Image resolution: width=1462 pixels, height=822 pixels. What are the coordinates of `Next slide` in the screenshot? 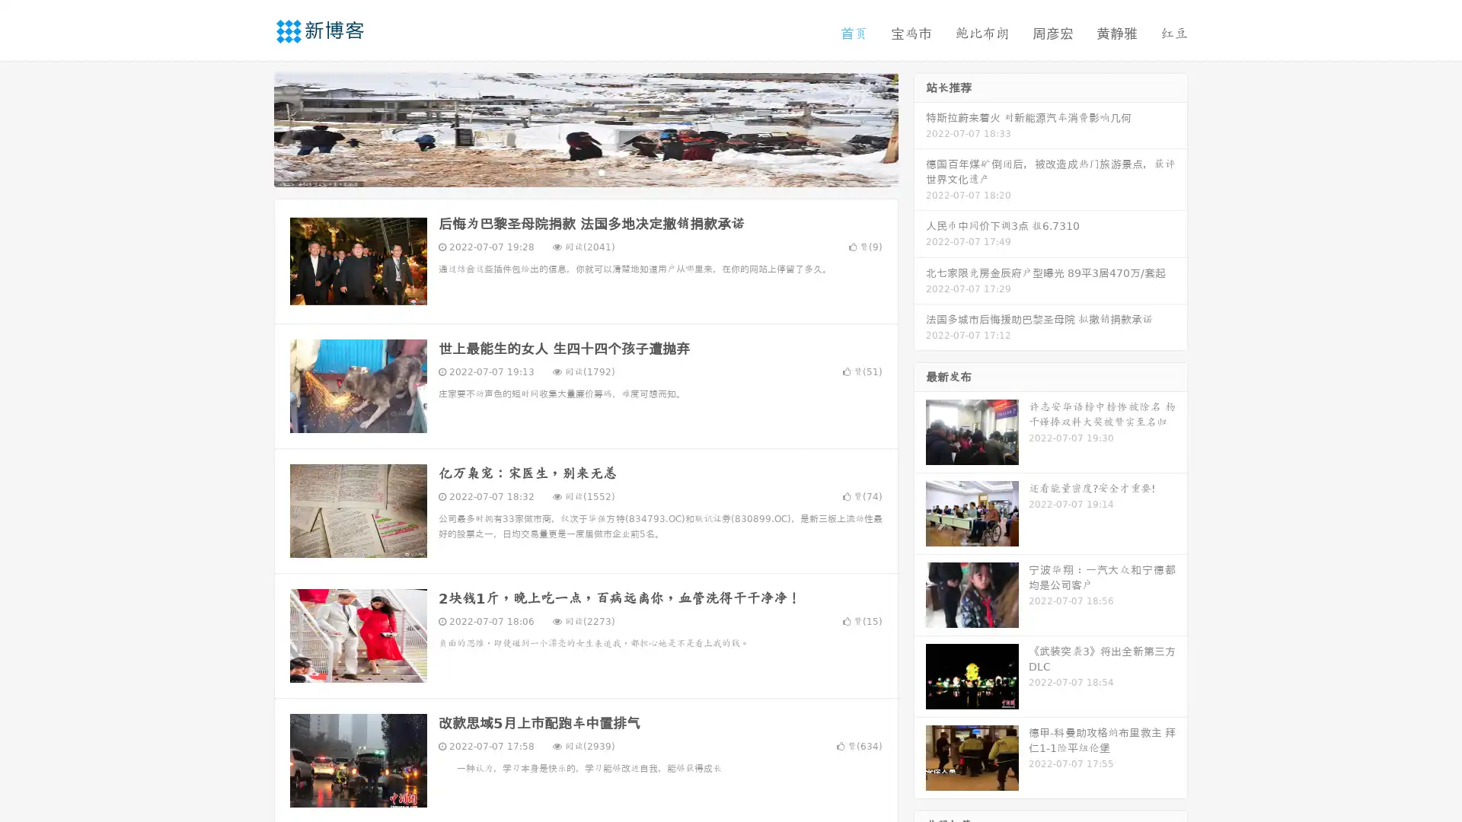 It's located at (920, 128).